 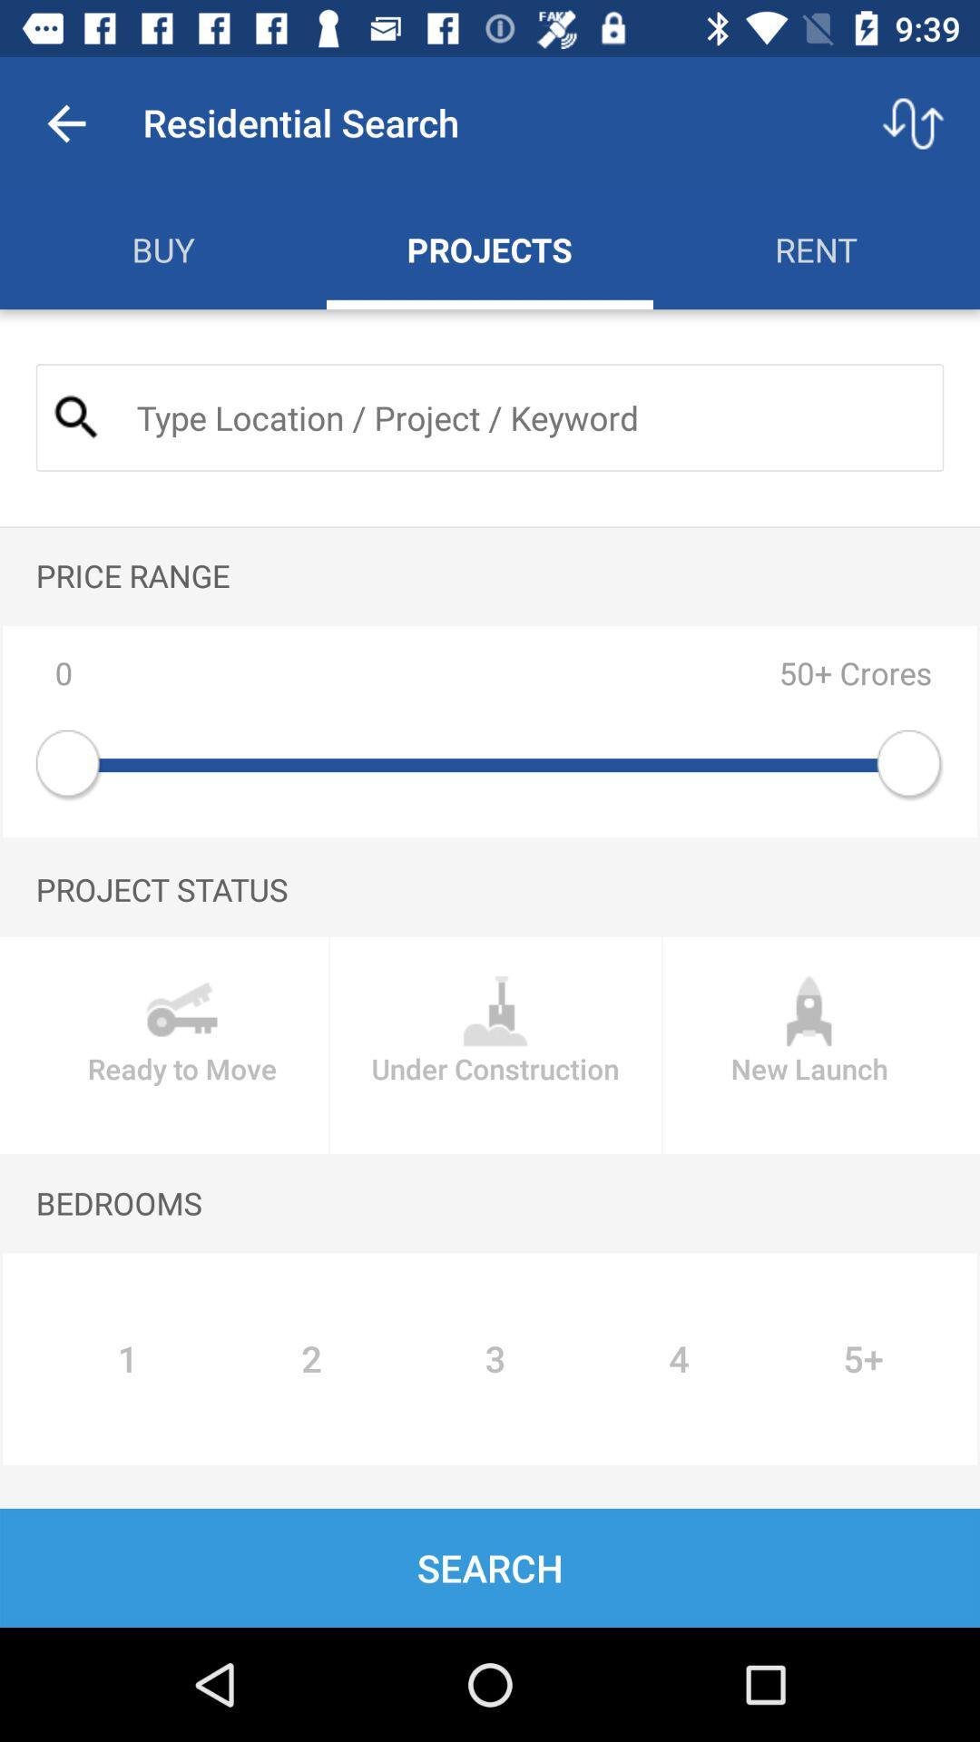 What do you see at coordinates (495, 1359) in the screenshot?
I see `the 3 item` at bounding box center [495, 1359].